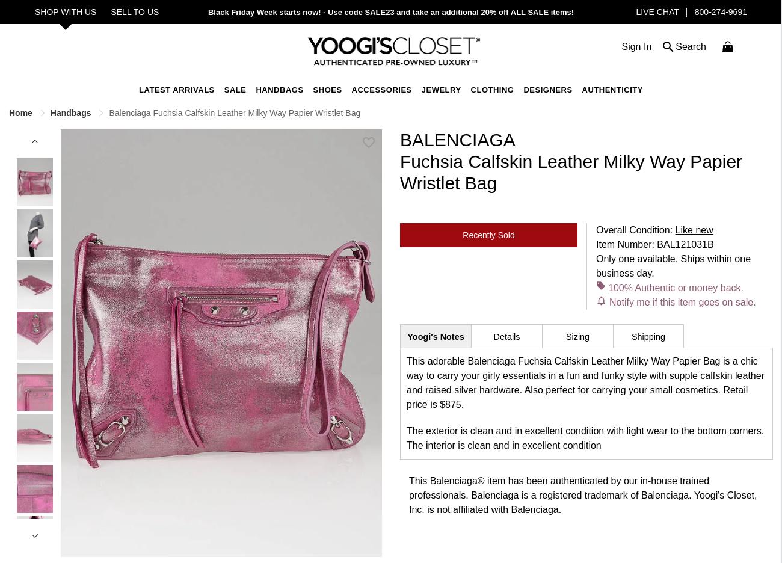 Image resolution: width=782 pixels, height=563 pixels. I want to click on 'Balenciaga Fuchsia Calfskin Leather Milky Way Papier Wristlet Bag', so click(235, 112).